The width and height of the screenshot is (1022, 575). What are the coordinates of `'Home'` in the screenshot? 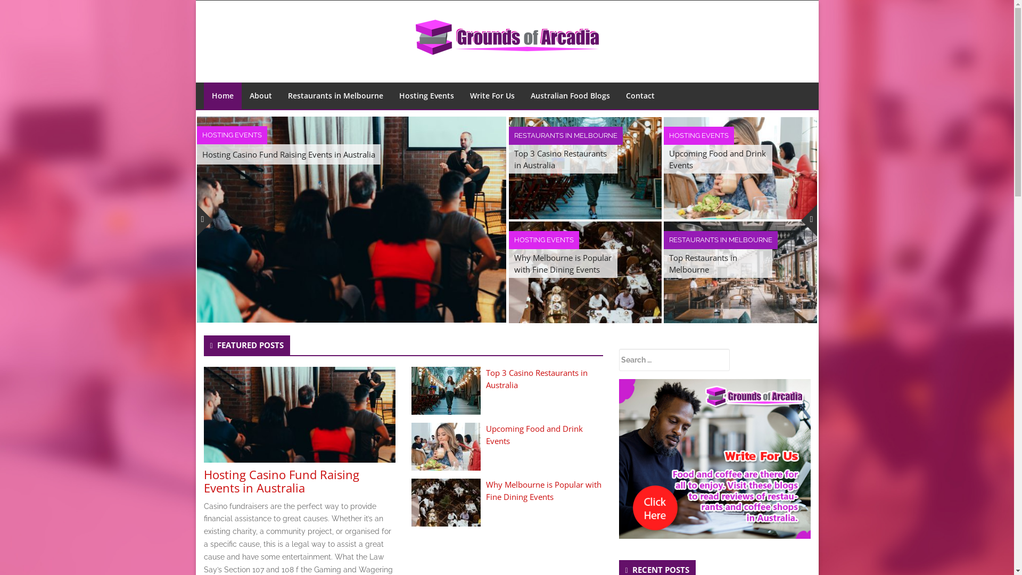 It's located at (221, 96).